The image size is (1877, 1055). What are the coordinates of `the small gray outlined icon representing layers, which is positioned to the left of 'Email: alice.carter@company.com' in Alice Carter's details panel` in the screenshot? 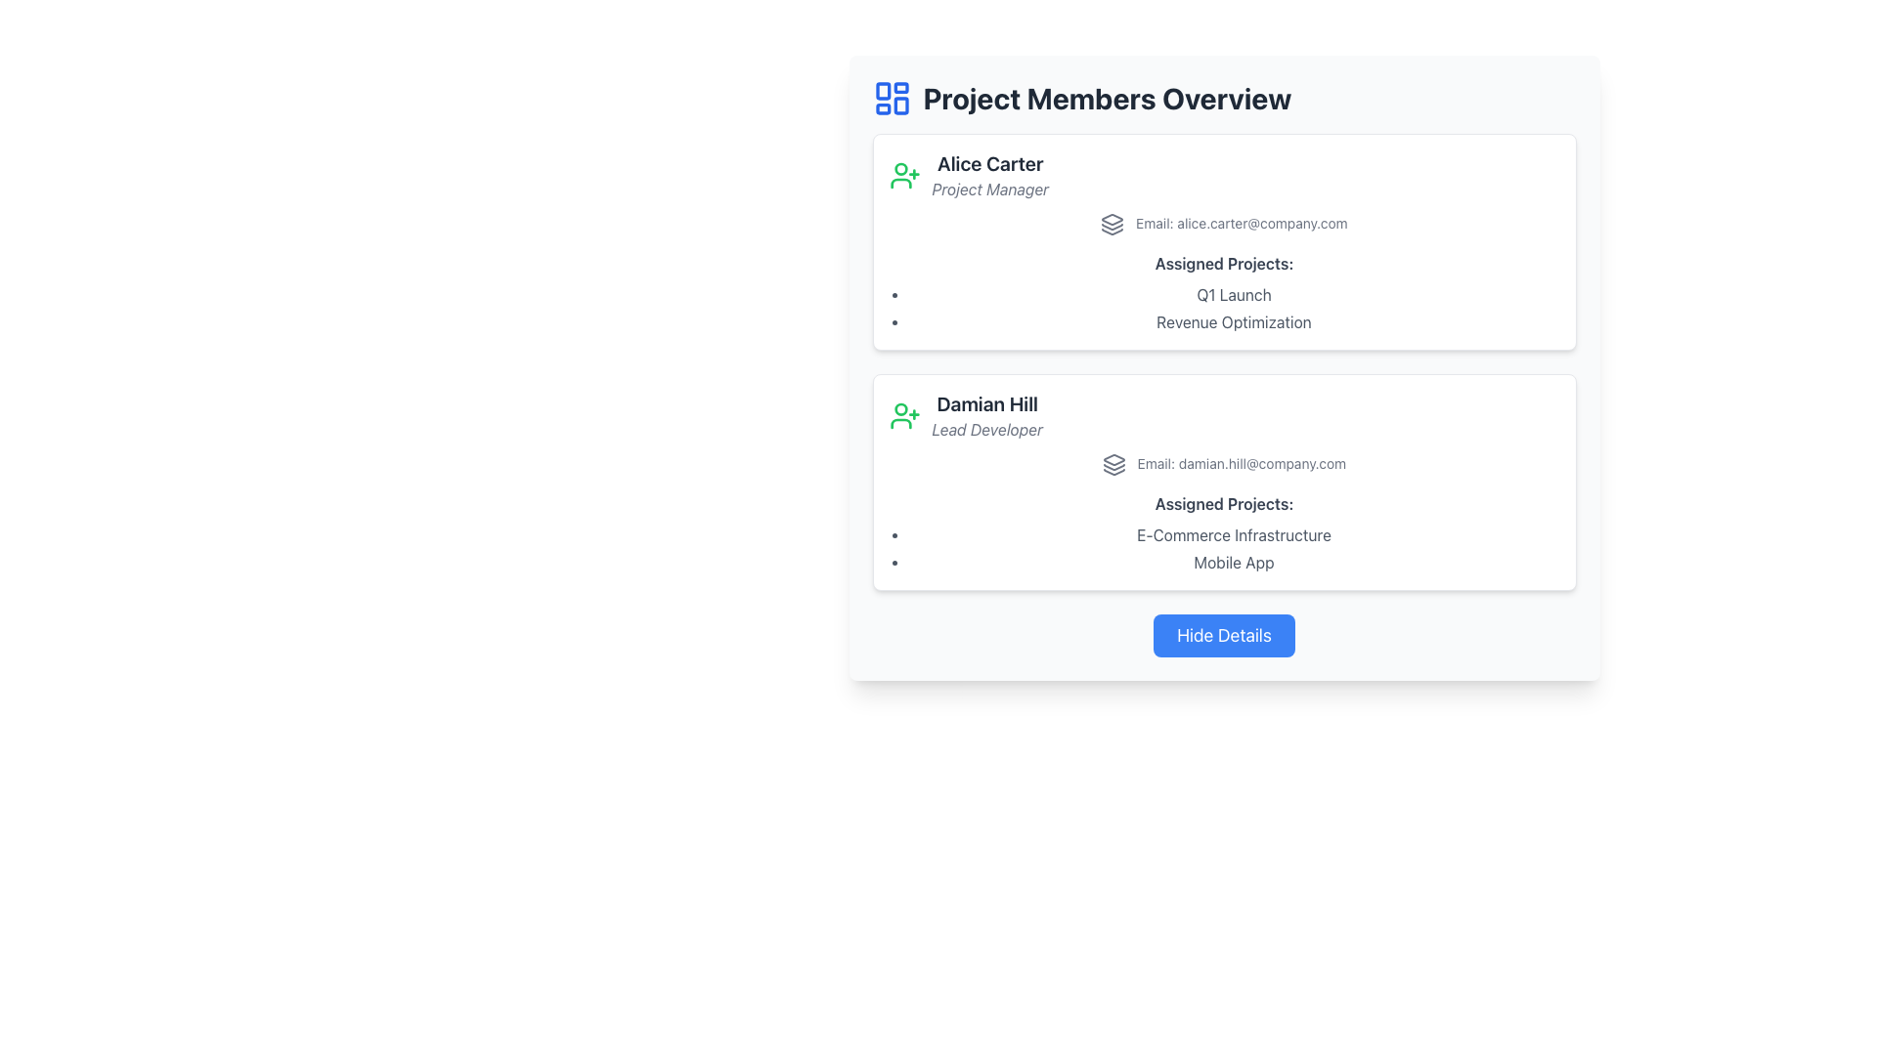 It's located at (1113, 224).